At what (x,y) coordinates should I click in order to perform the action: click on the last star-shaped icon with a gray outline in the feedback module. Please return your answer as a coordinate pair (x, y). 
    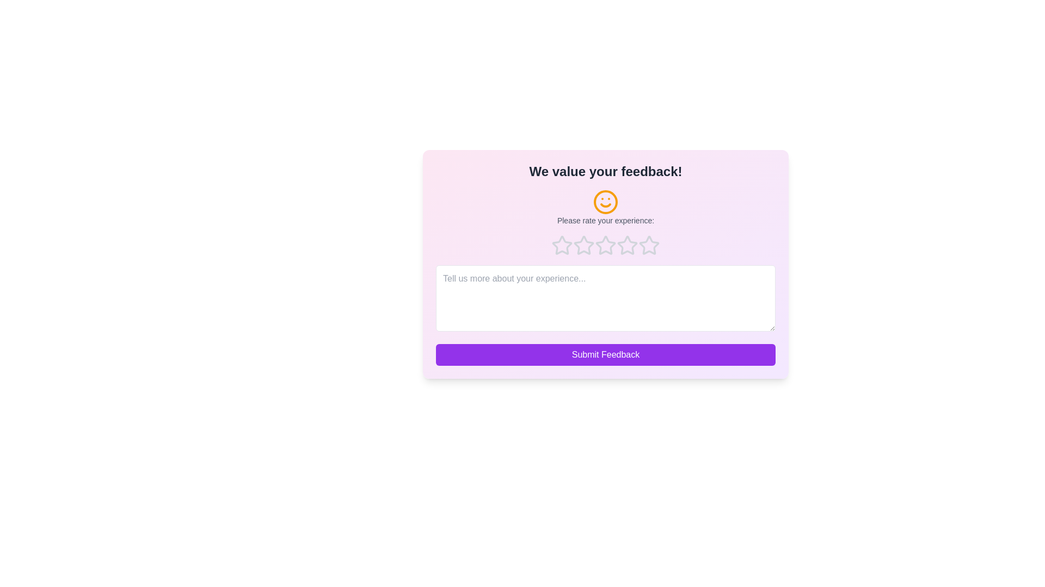
    Looking at the image, I should click on (649, 245).